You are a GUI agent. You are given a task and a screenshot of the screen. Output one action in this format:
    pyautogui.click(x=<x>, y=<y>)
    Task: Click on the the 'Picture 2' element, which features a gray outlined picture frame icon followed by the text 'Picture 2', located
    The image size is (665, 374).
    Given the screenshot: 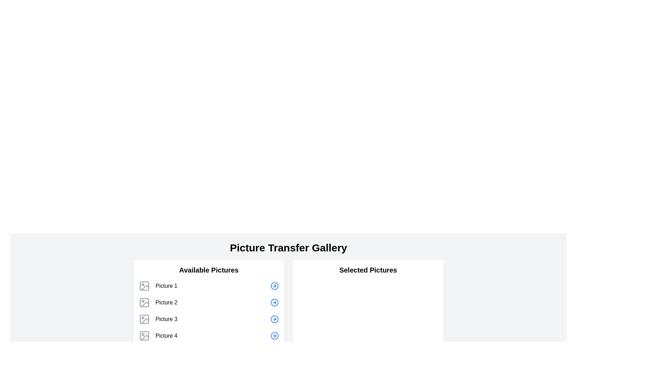 What is the action you would take?
    pyautogui.click(x=158, y=302)
    